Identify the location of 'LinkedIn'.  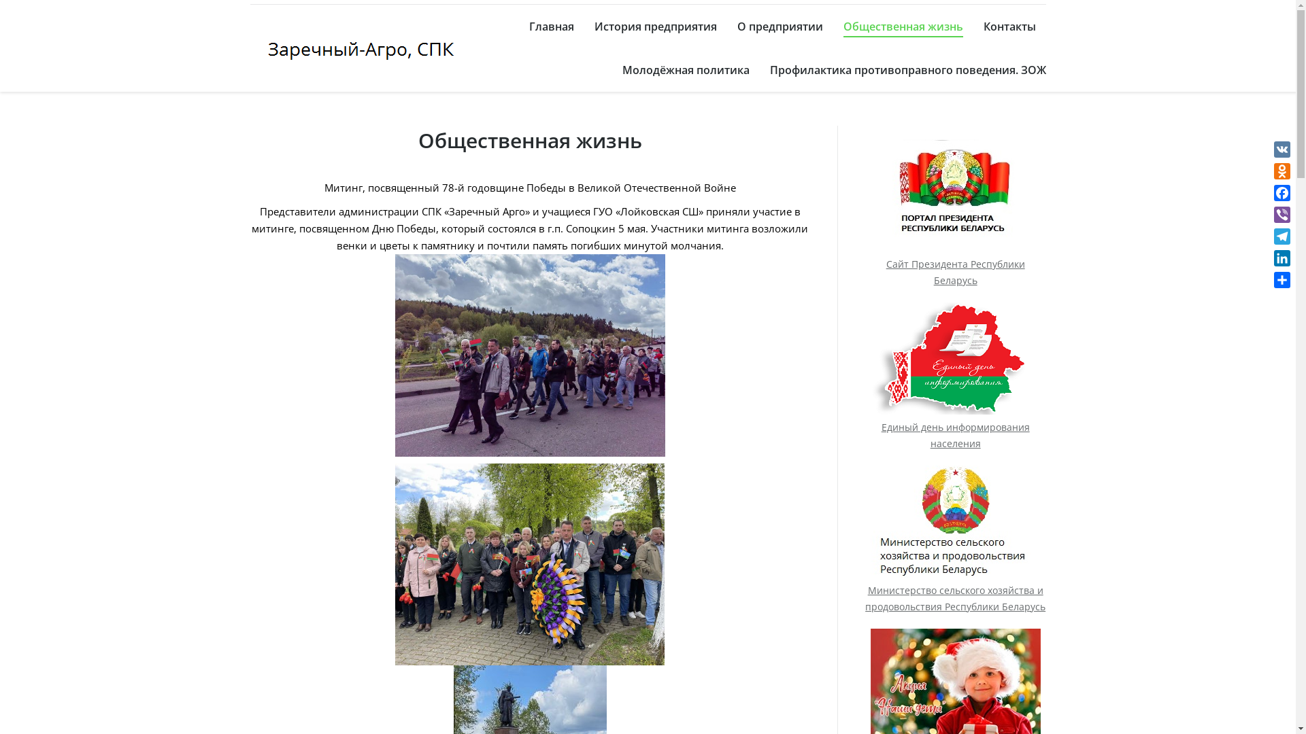
(1282, 258).